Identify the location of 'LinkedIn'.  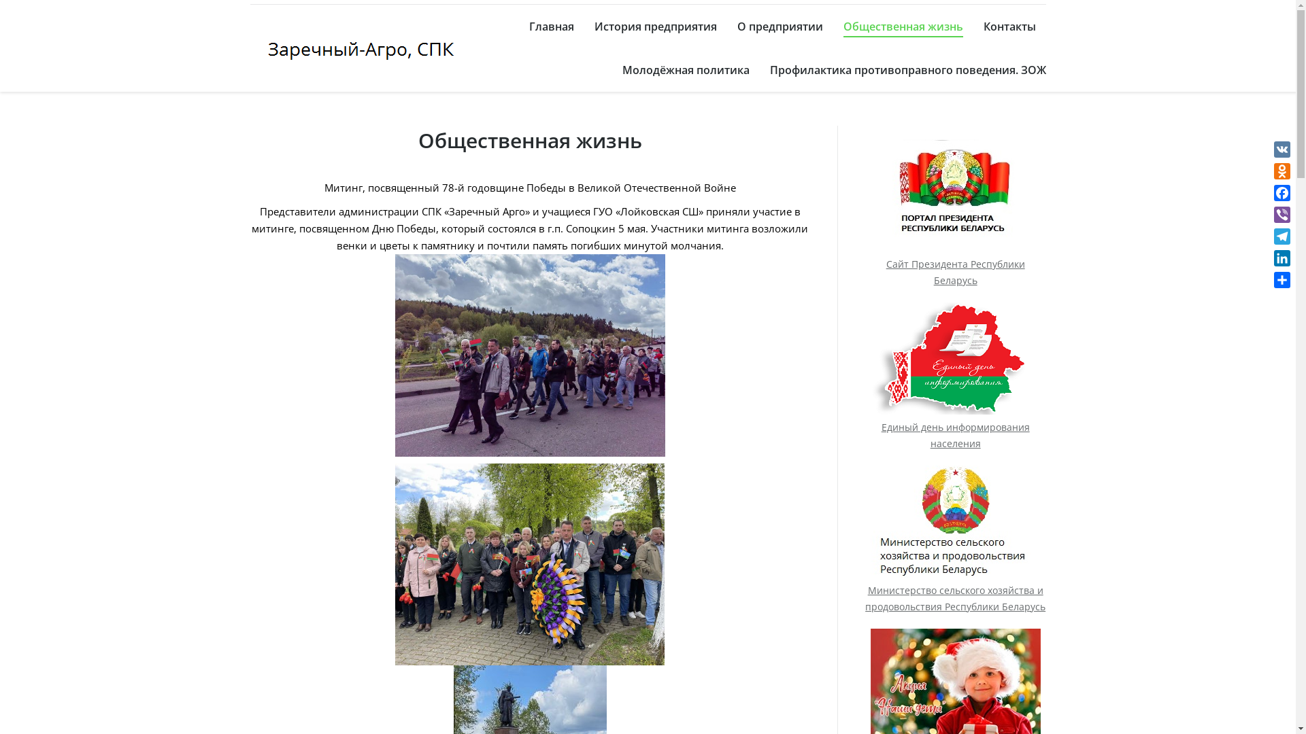
(1282, 258).